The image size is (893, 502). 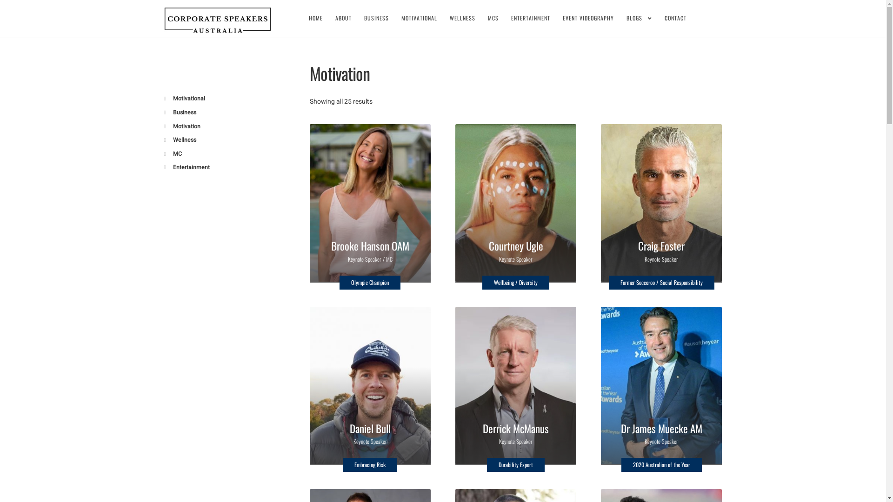 I want to click on 'BLOGS', so click(x=639, y=18).